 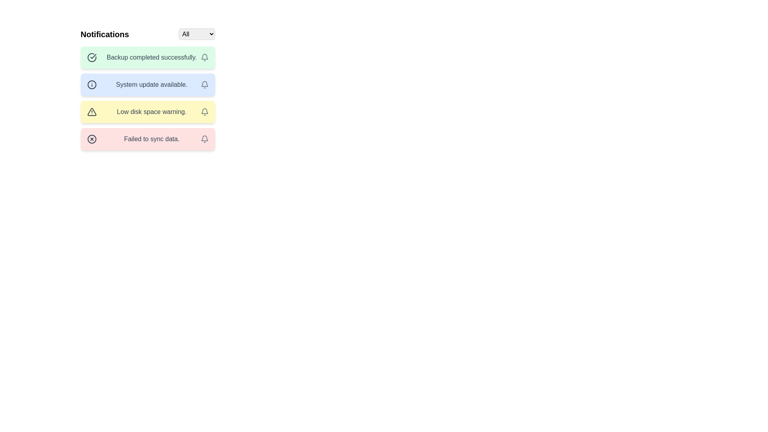 I want to click on the circular checkmark icon located on the left side of the notification labeled 'Backup completed successfully.', so click(x=92, y=57).